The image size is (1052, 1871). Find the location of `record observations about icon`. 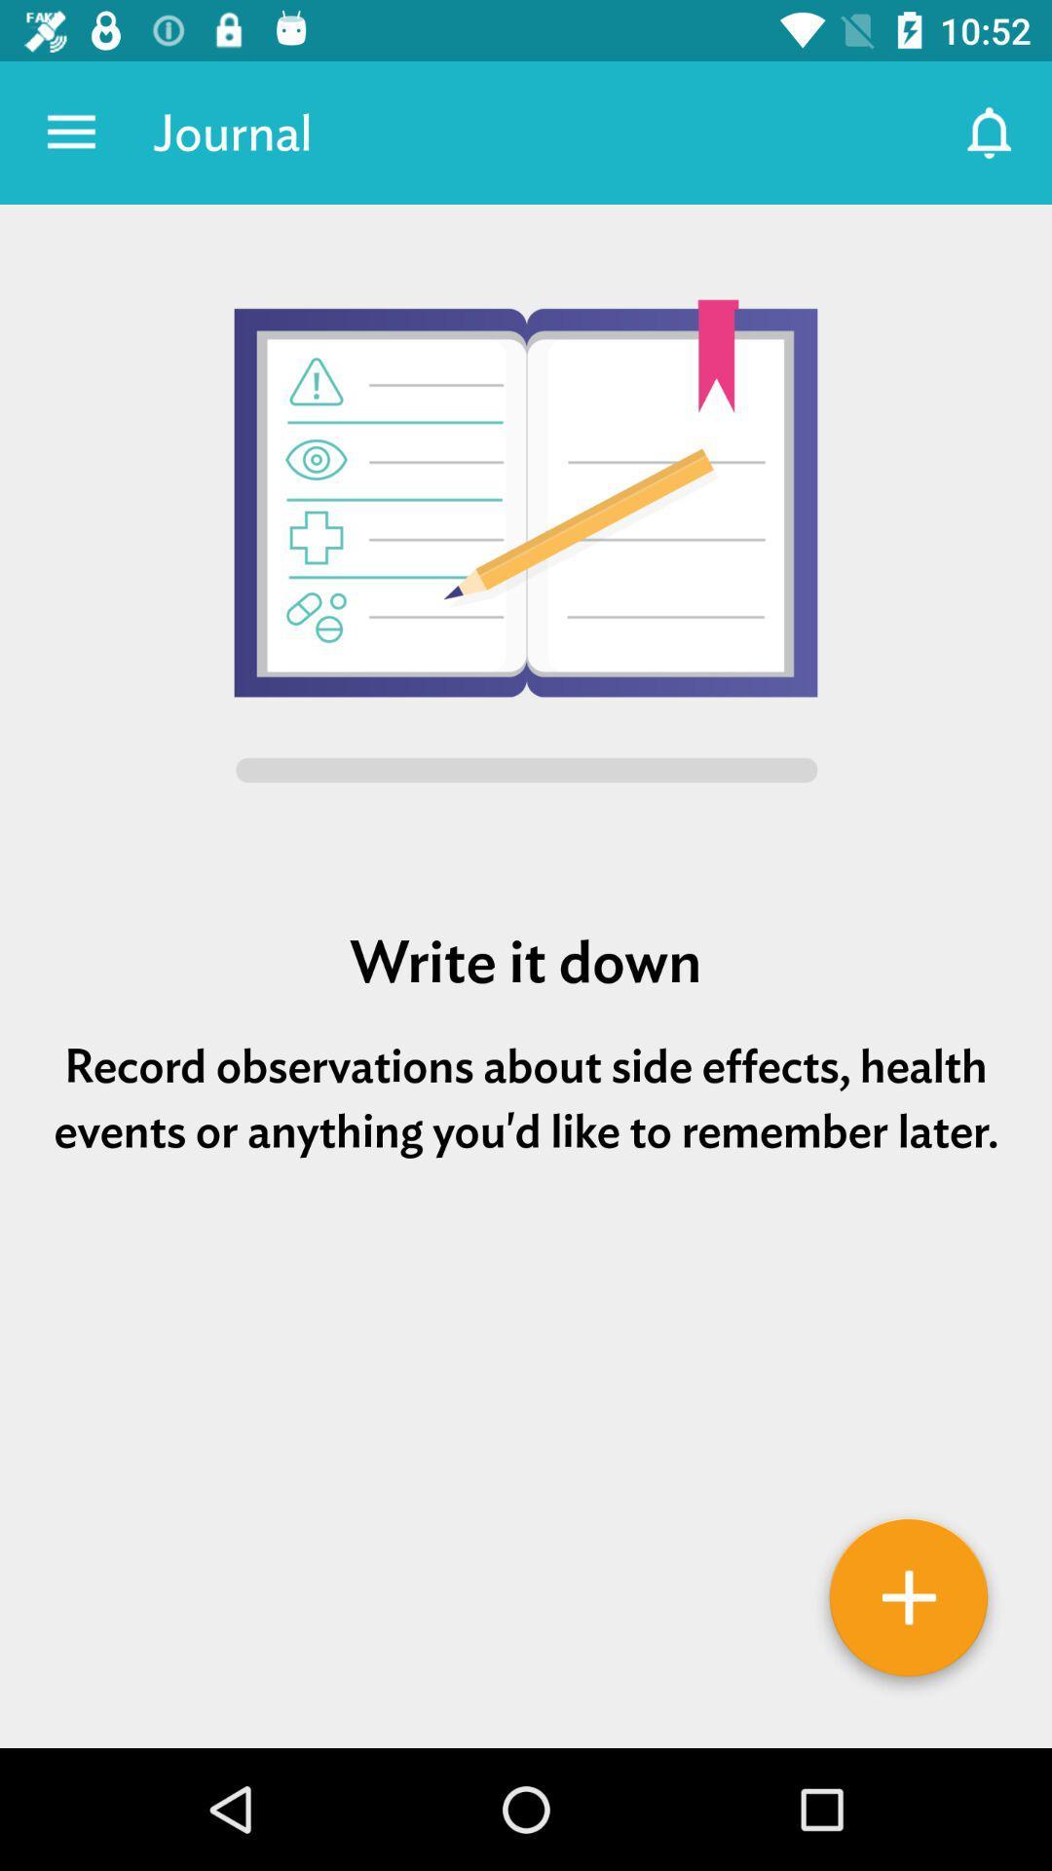

record observations about icon is located at coordinates (526, 1098).